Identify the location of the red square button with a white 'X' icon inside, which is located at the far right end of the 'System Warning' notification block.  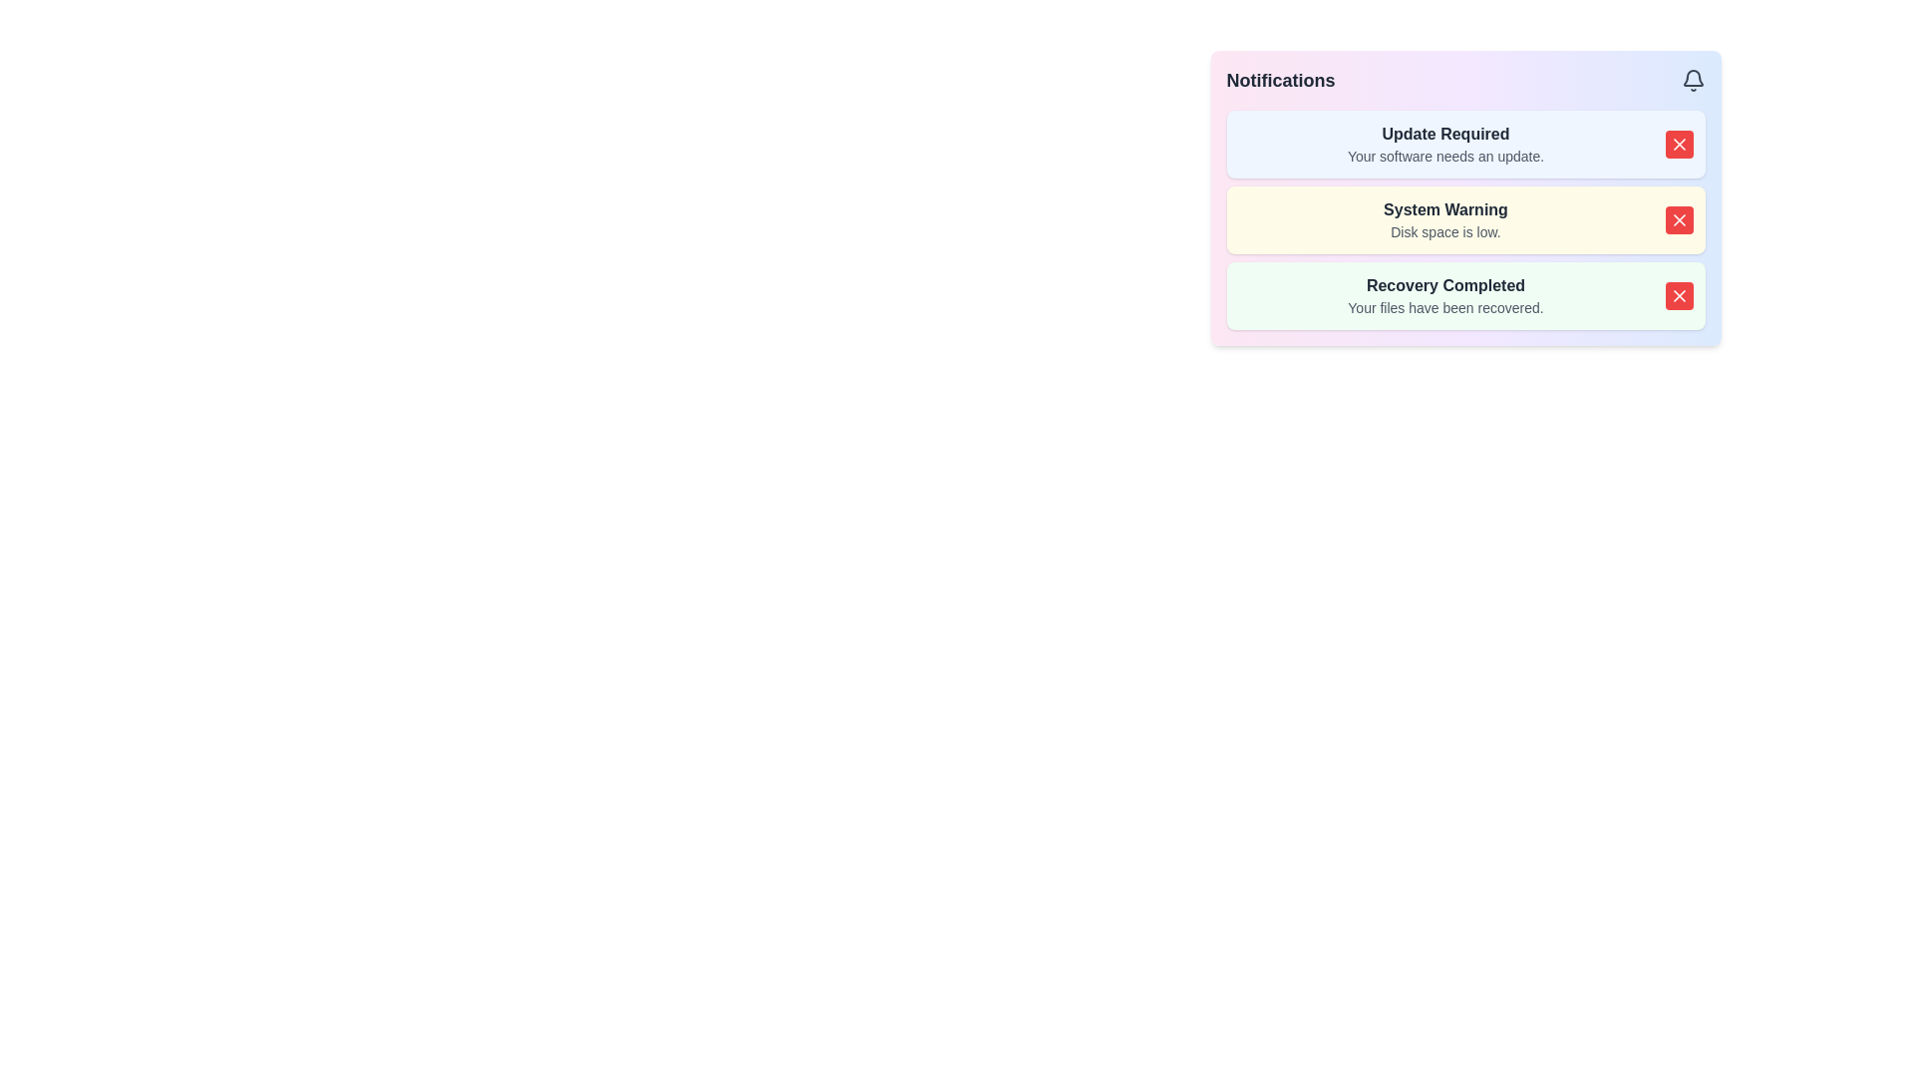
(1678, 219).